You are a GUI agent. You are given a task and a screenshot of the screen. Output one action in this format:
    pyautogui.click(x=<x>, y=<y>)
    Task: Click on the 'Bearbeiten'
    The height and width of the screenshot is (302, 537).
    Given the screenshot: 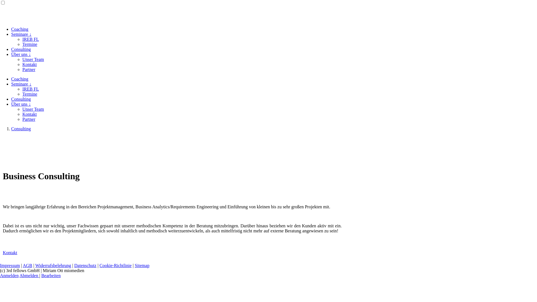 What is the action you would take?
    pyautogui.click(x=51, y=275)
    